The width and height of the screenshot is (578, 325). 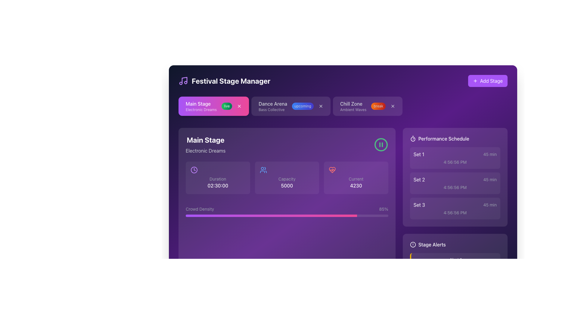 What do you see at coordinates (488, 81) in the screenshot?
I see `the button located in the top right corner of the interface` at bounding box center [488, 81].